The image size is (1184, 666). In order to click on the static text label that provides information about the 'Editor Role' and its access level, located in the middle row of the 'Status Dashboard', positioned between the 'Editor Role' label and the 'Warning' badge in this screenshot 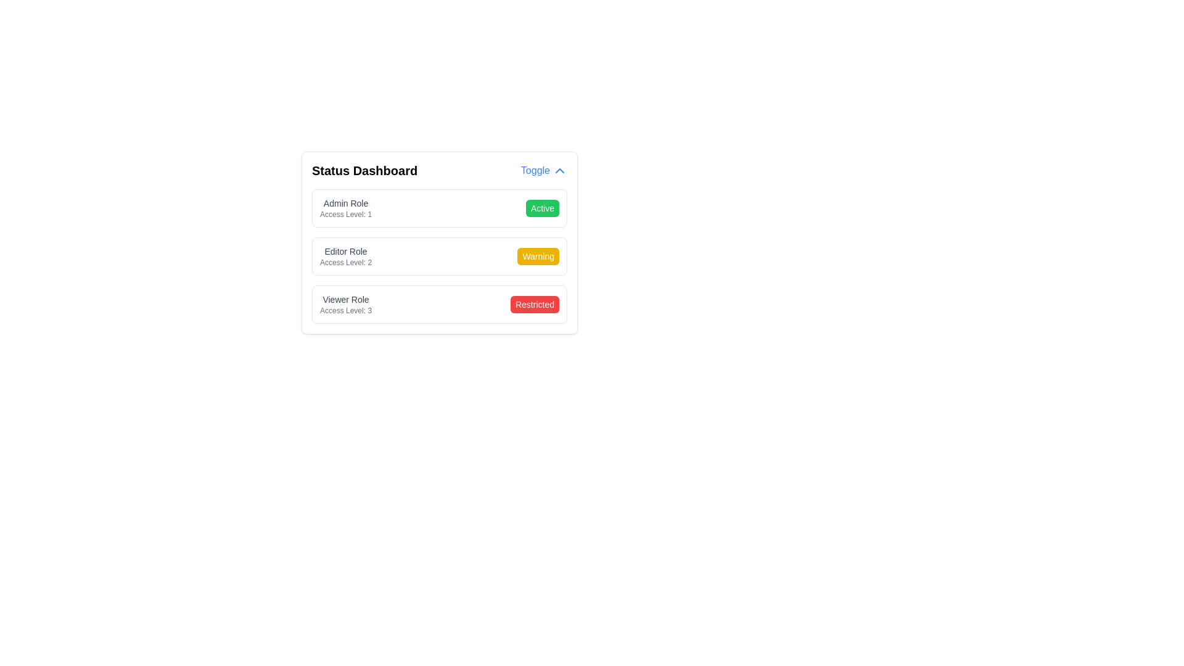, I will do `click(345, 256)`.